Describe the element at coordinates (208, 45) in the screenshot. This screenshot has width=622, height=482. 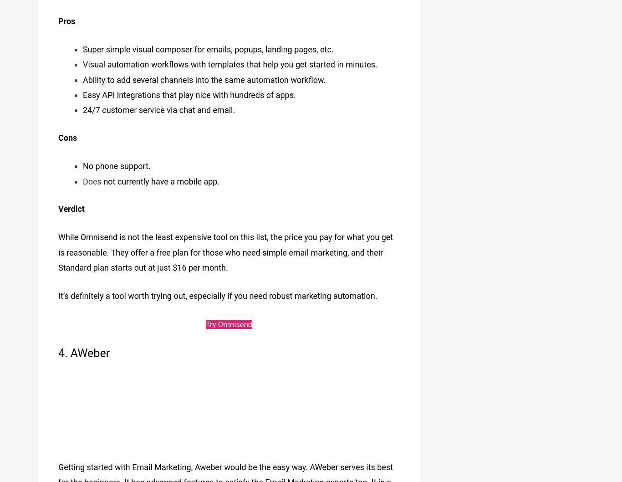
I see `'Super simple visual composer for emails, popups, landing pages, etc.'` at that location.